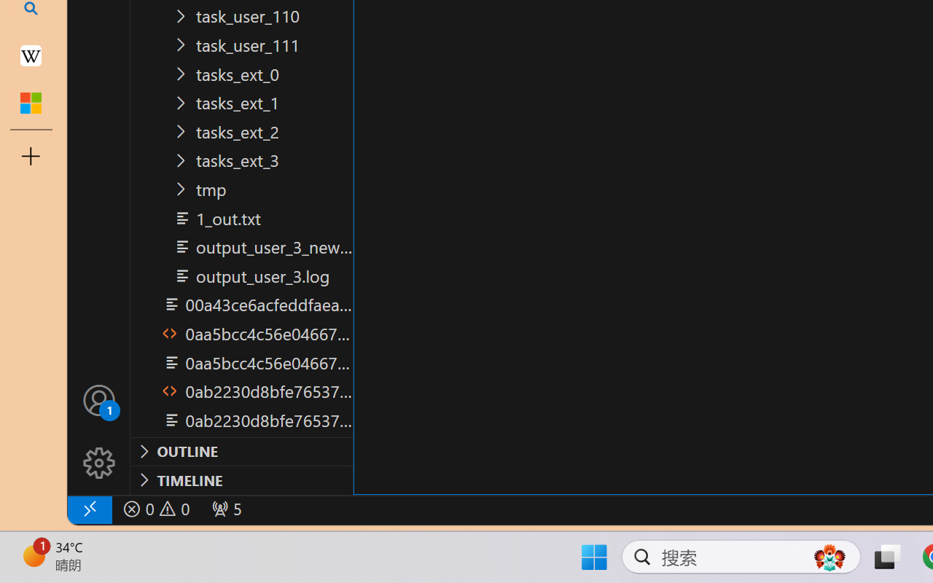  What do you see at coordinates (225, 509) in the screenshot?
I see `'Forwarded Ports: 36301, 47065, 38781, 45817, 50331'` at bounding box center [225, 509].